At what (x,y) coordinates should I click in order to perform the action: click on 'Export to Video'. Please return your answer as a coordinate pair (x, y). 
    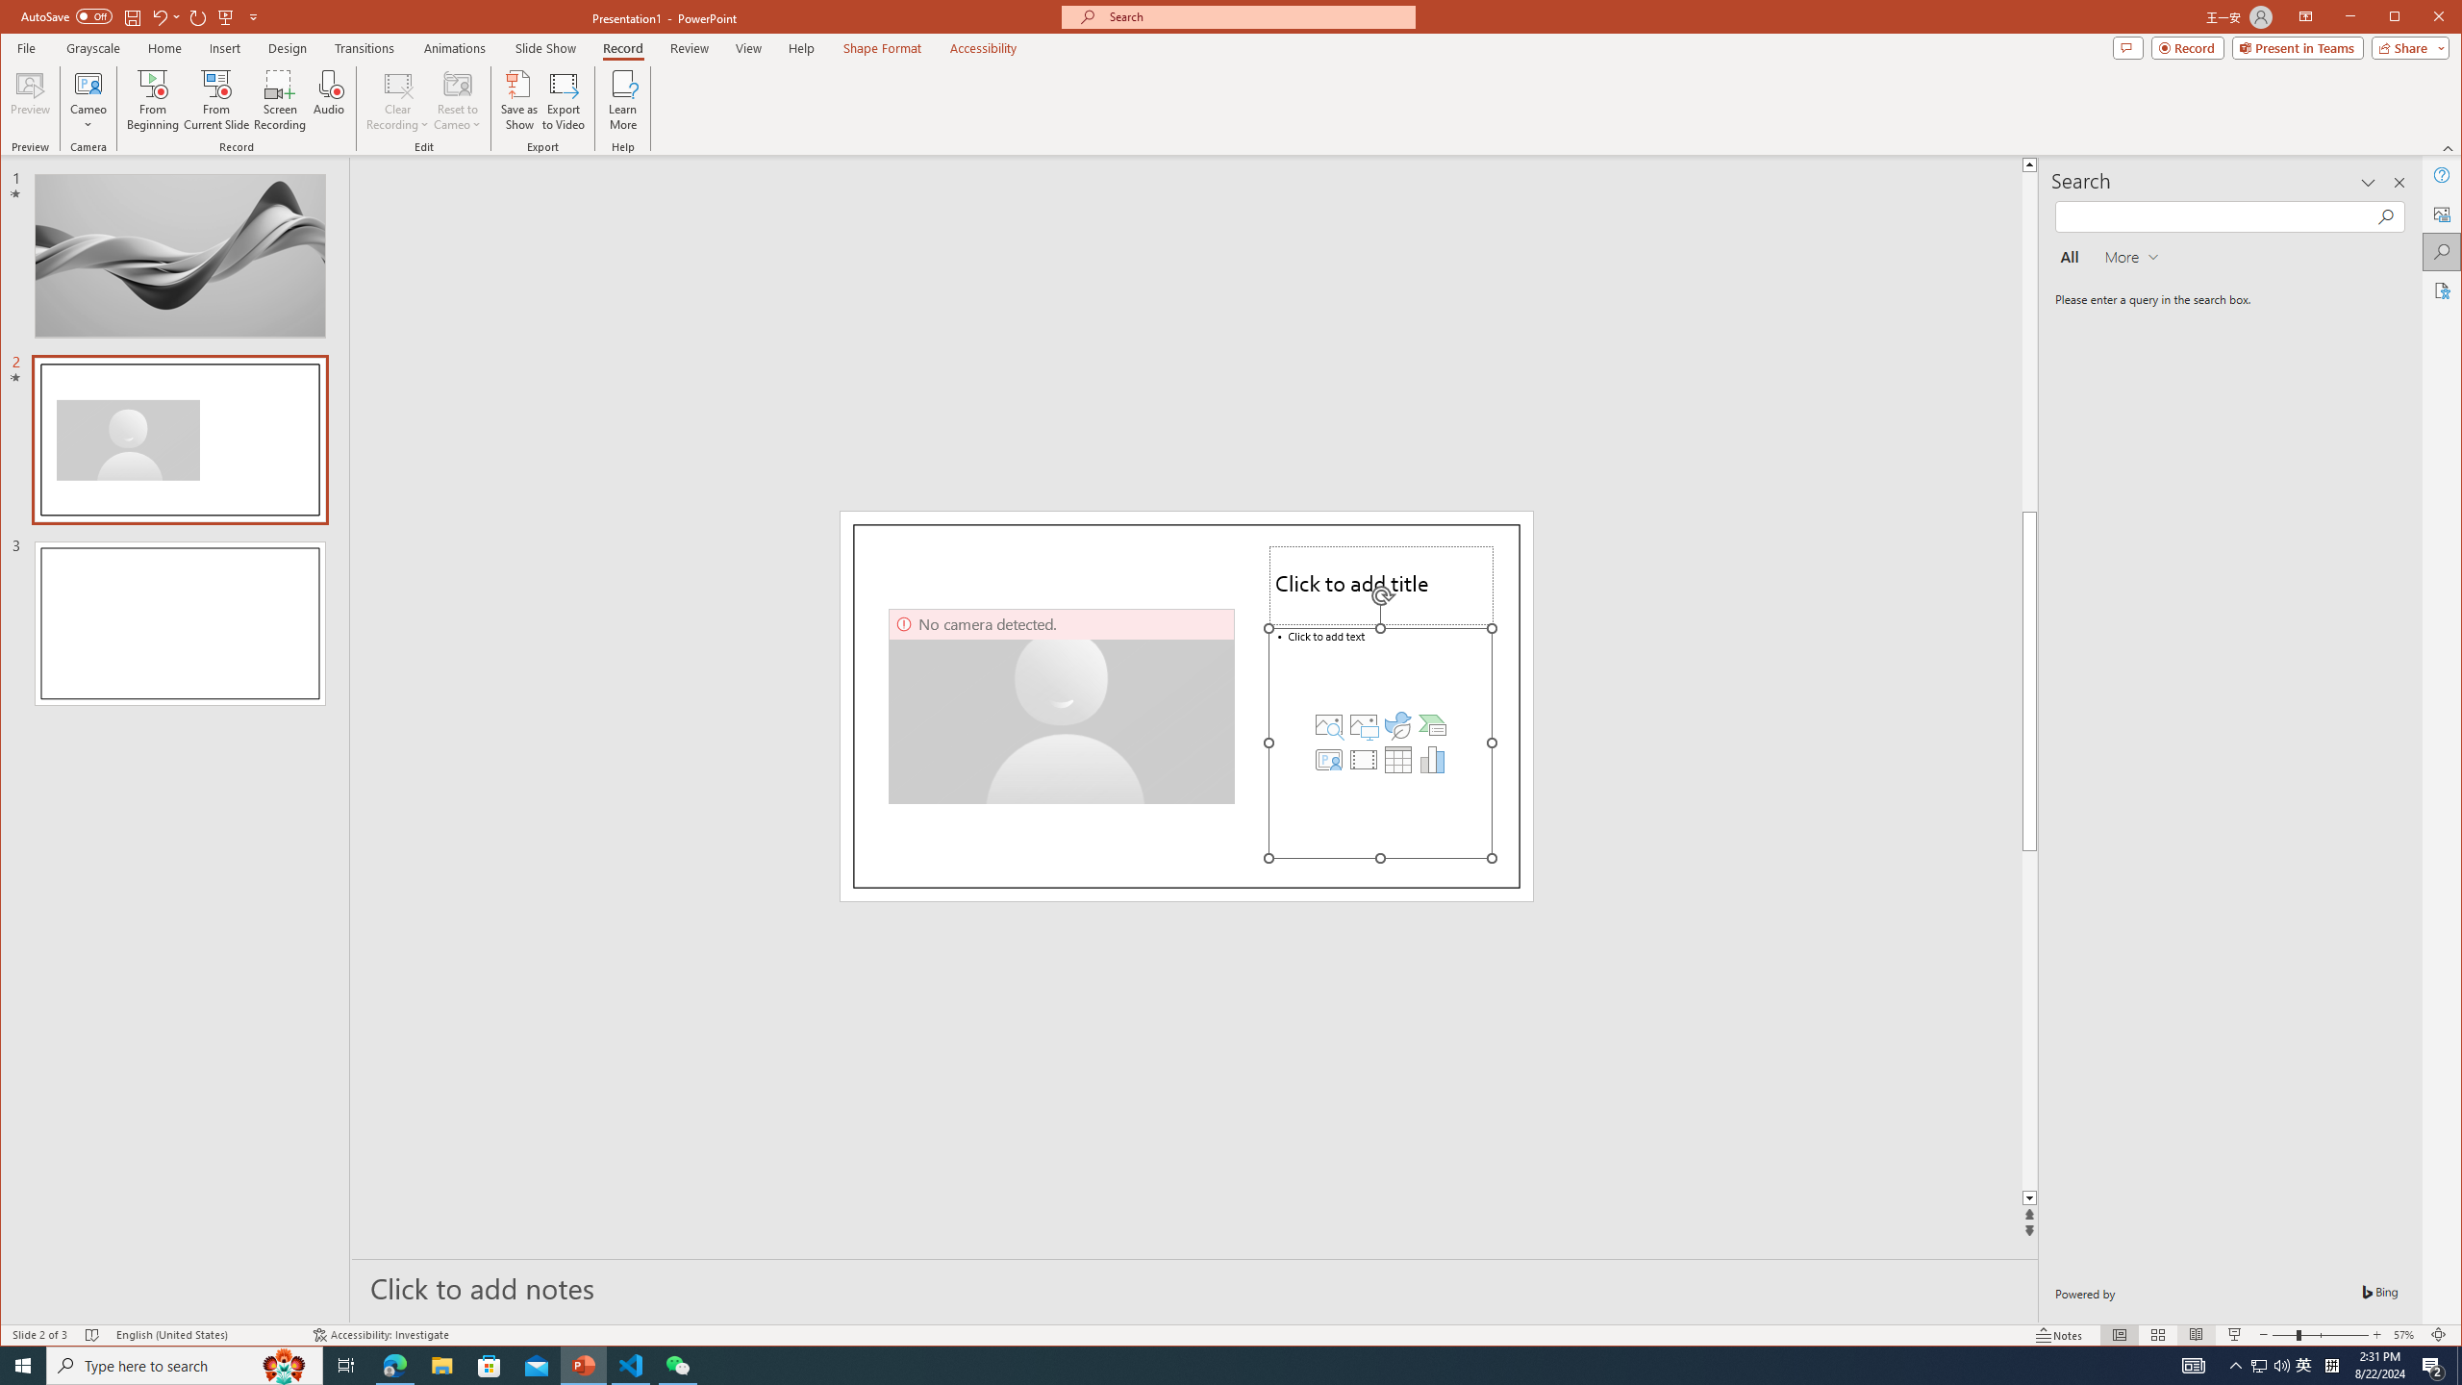
    Looking at the image, I should click on (565, 99).